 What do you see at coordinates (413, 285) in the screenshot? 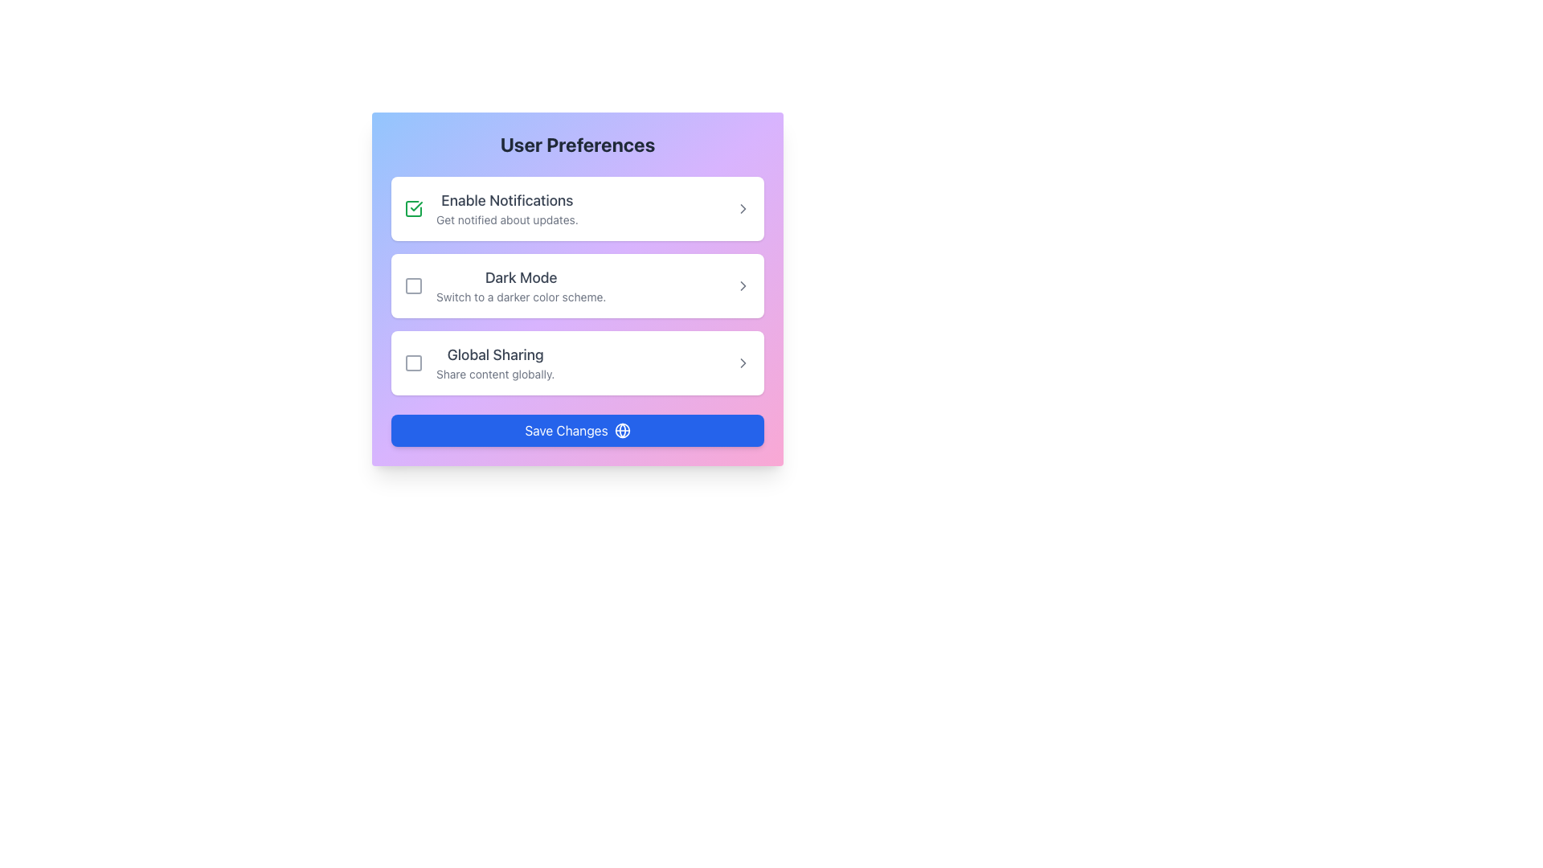
I see `the SVG graphical indicator square for 'Dark Mode'` at bounding box center [413, 285].